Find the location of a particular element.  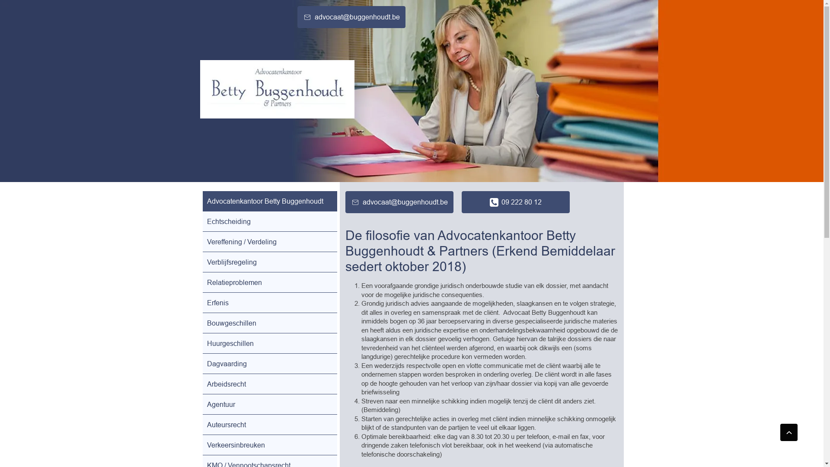

'Bouwgeschillen' is located at coordinates (269, 323).